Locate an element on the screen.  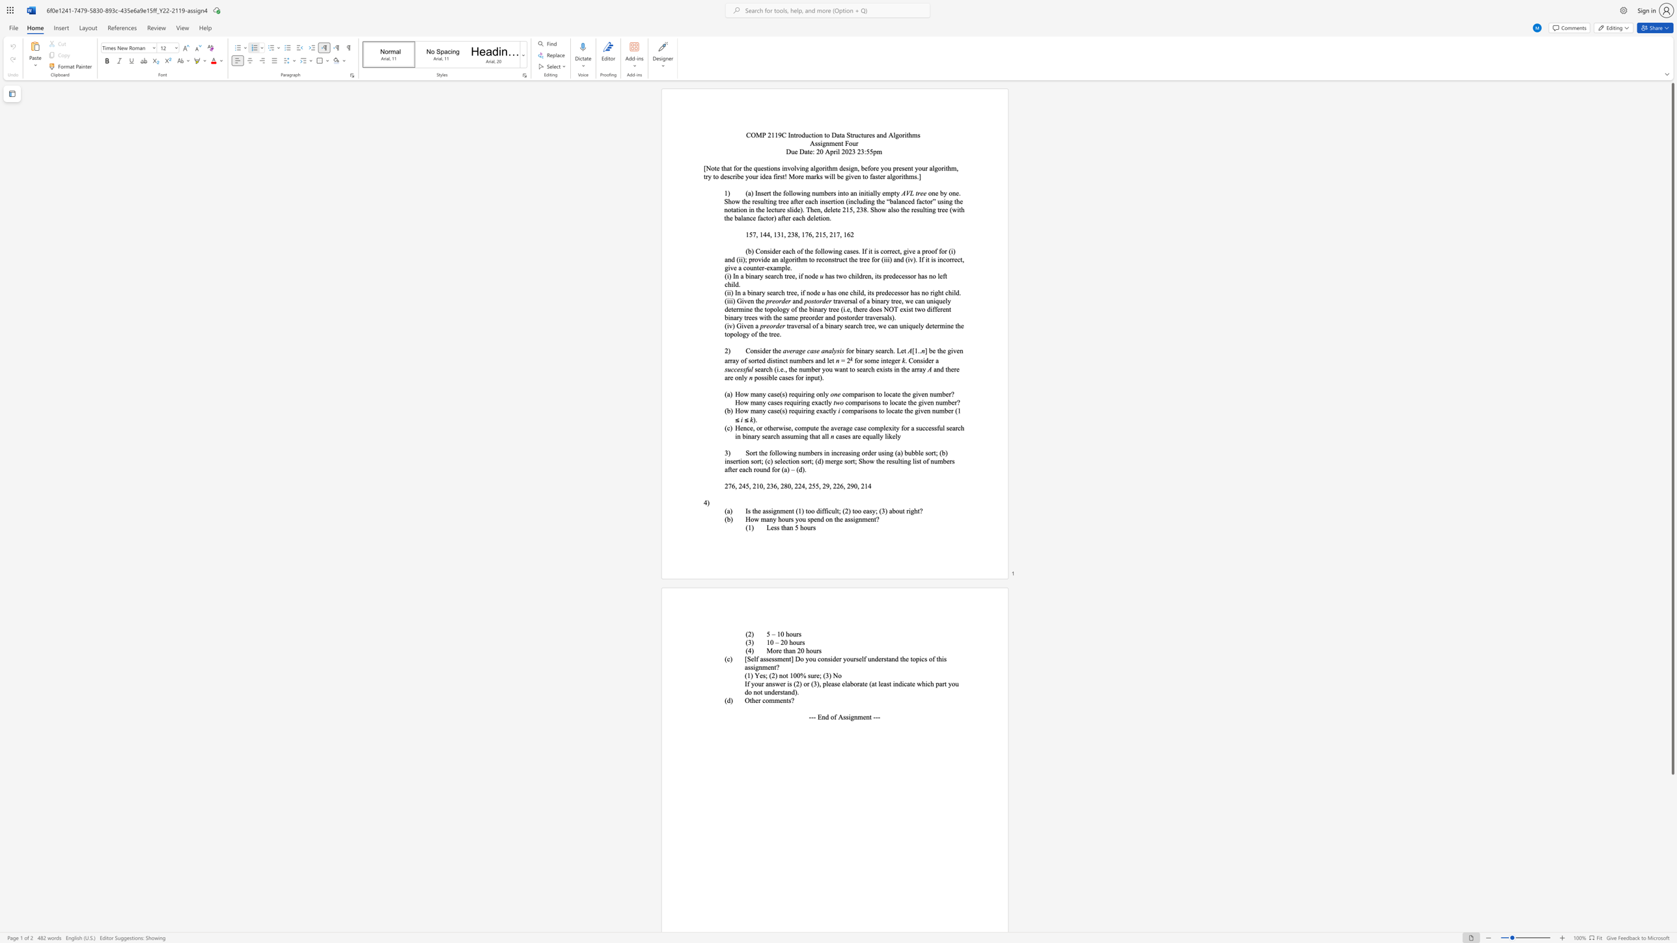
the 3th character "a" in the text is located at coordinates (726, 469).